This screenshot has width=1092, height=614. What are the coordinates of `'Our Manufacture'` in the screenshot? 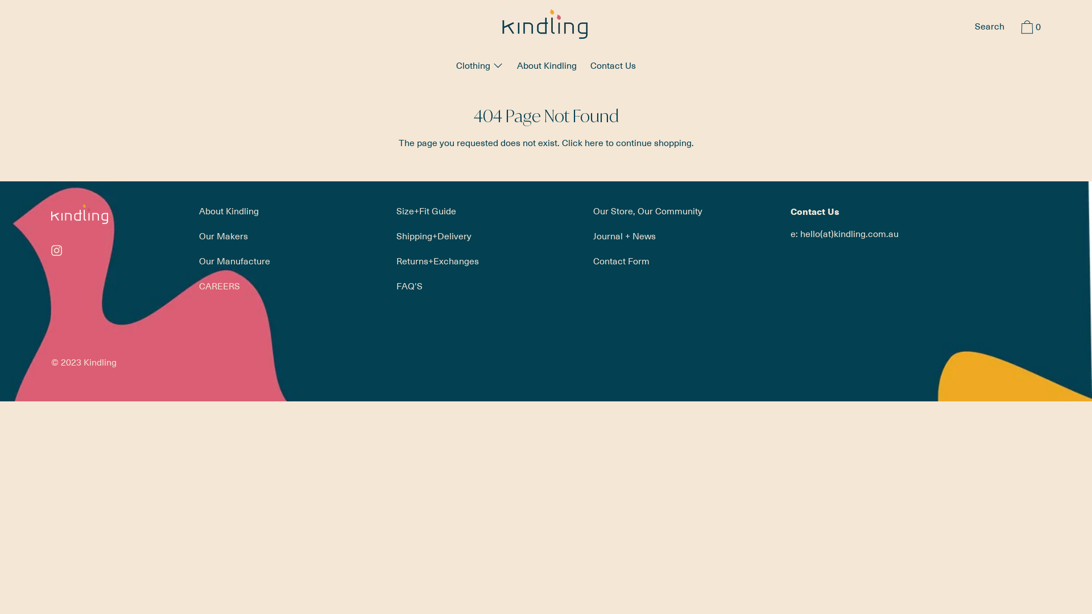 It's located at (234, 261).